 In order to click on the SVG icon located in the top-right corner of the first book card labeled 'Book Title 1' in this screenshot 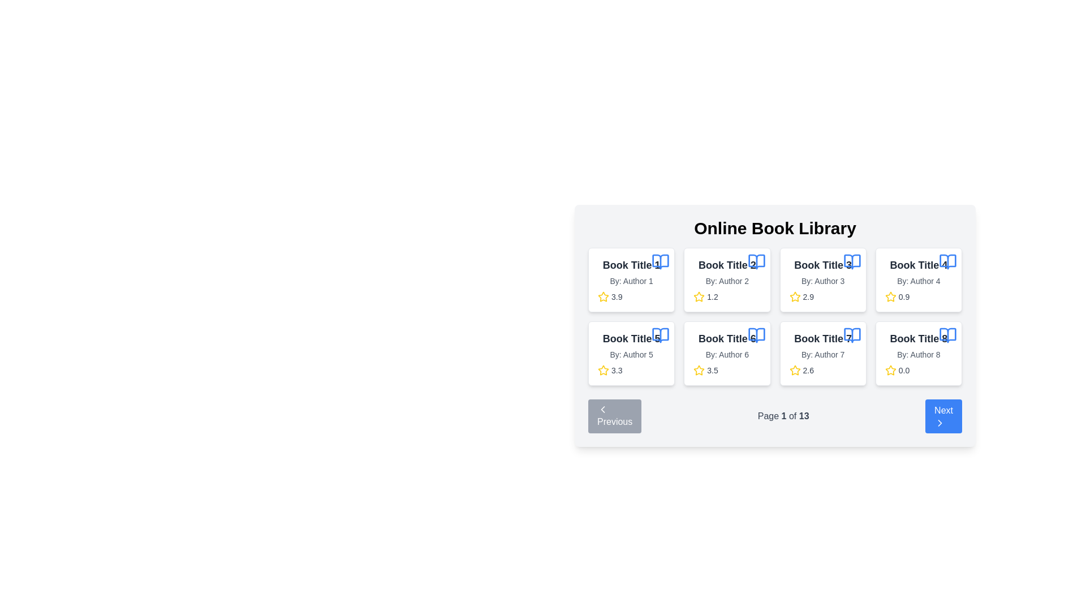, I will do `click(661, 261)`.